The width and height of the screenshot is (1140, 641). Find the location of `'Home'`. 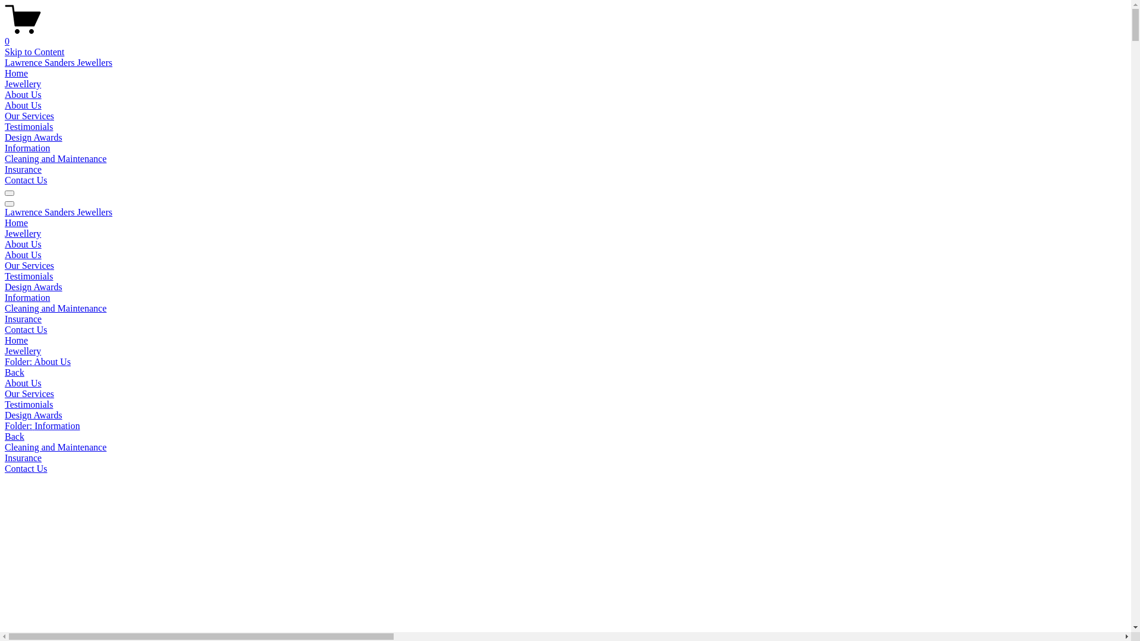

'Home' is located at coordinates (5, 73).